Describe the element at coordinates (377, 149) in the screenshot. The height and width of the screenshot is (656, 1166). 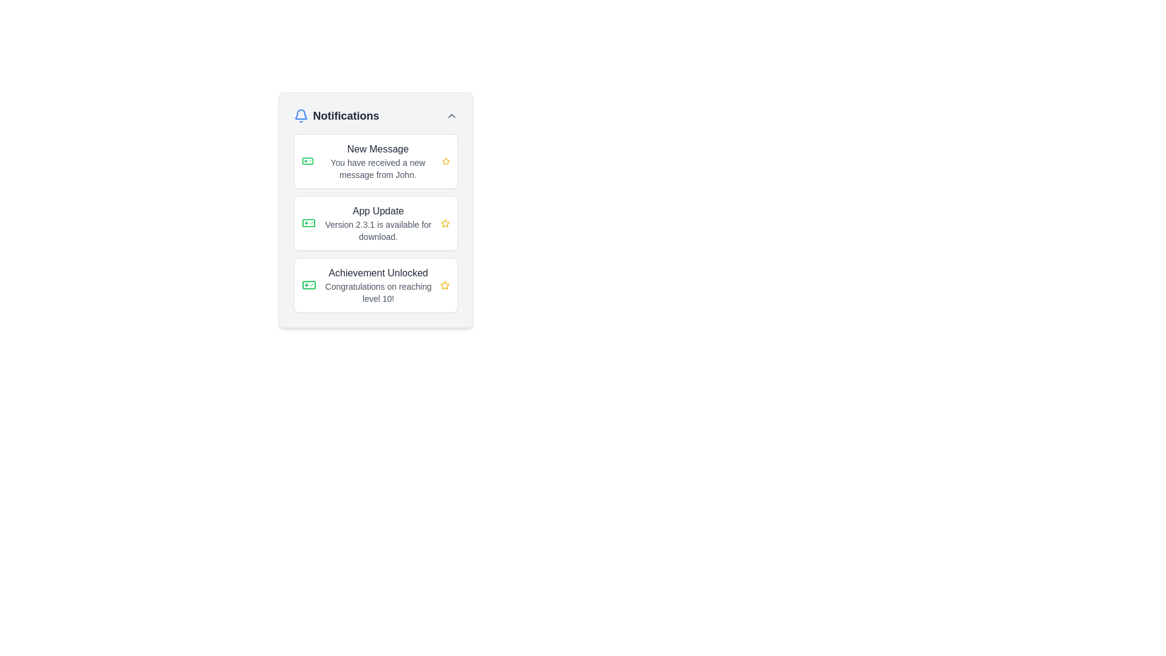
I see `the text label displaying 'New Message', which is styled with a medium-weight font and dark gray color, located at the top of the notification card` at that location.